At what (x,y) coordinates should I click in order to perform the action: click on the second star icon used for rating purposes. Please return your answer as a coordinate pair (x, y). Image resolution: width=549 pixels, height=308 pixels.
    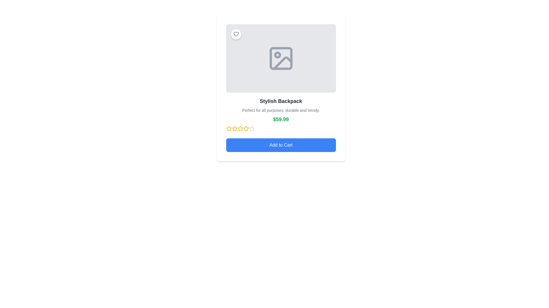
    Looking at the image, I should click on (234, 128).